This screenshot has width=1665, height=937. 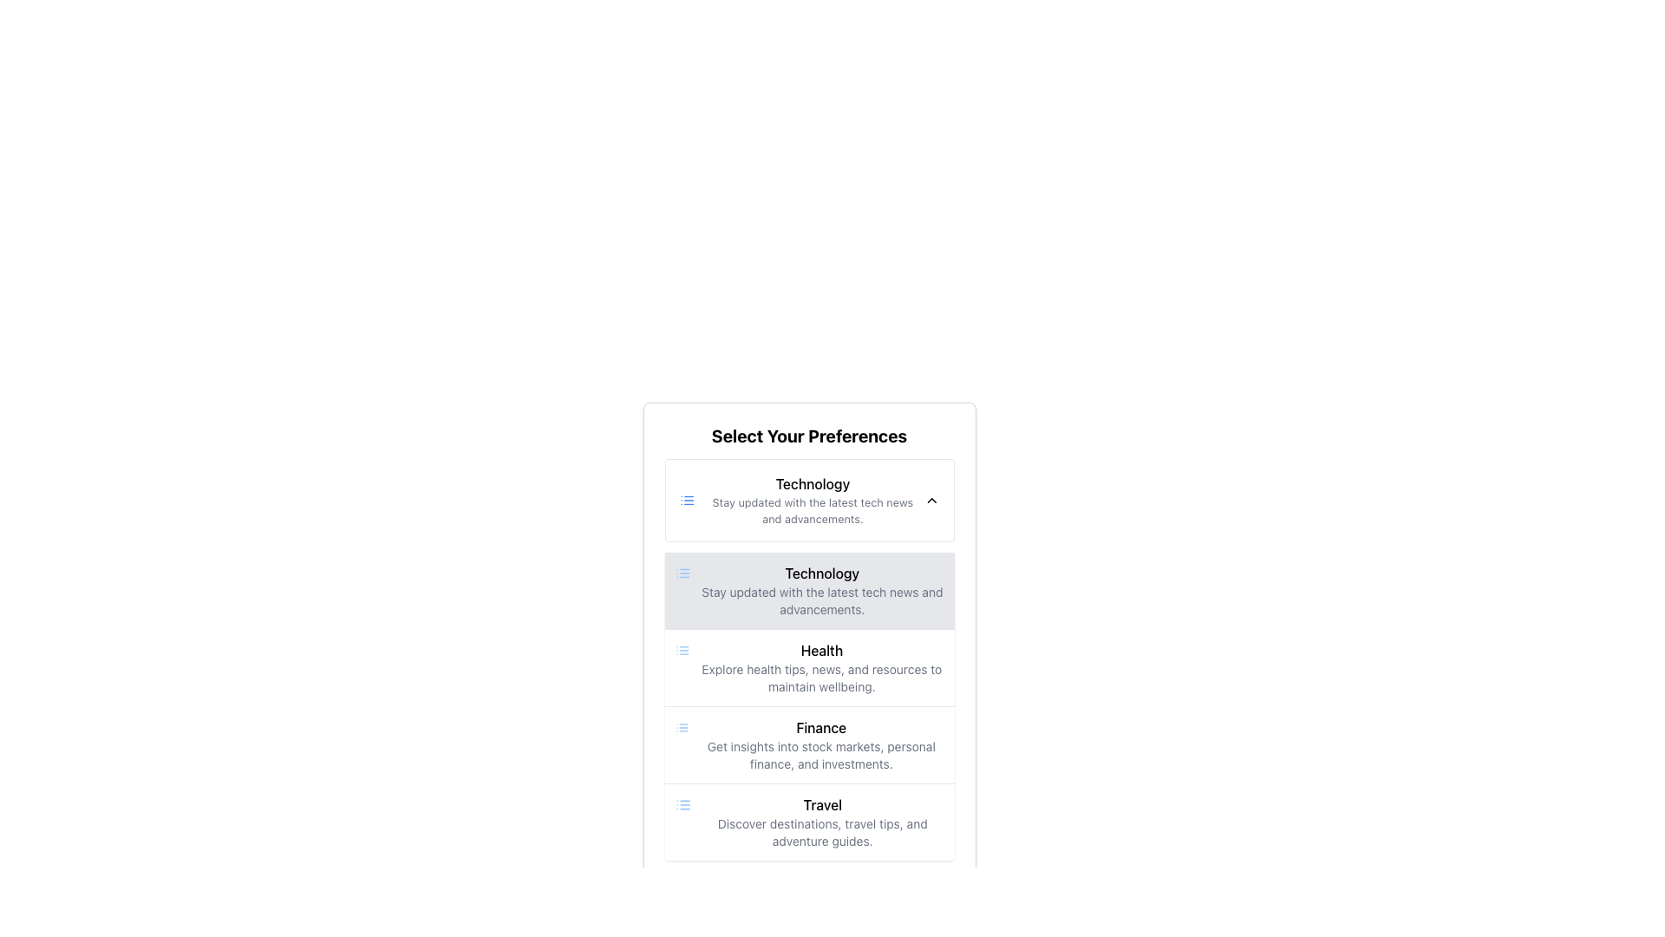 What do you see at coordinates (821, 822) in the screenshot?
I see `the clickable list item titled 'Travel'` at bounding box center [821, 822].